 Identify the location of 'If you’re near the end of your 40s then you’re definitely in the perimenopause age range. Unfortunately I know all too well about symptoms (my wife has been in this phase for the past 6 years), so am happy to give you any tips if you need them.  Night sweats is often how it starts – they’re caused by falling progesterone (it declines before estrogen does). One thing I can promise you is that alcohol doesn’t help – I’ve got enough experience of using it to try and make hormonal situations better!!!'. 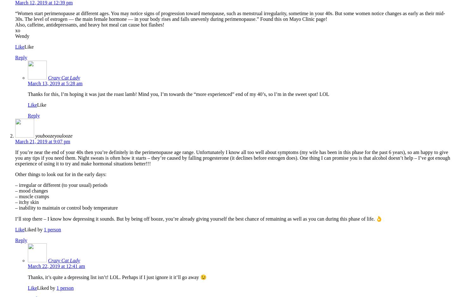
(232, 157).